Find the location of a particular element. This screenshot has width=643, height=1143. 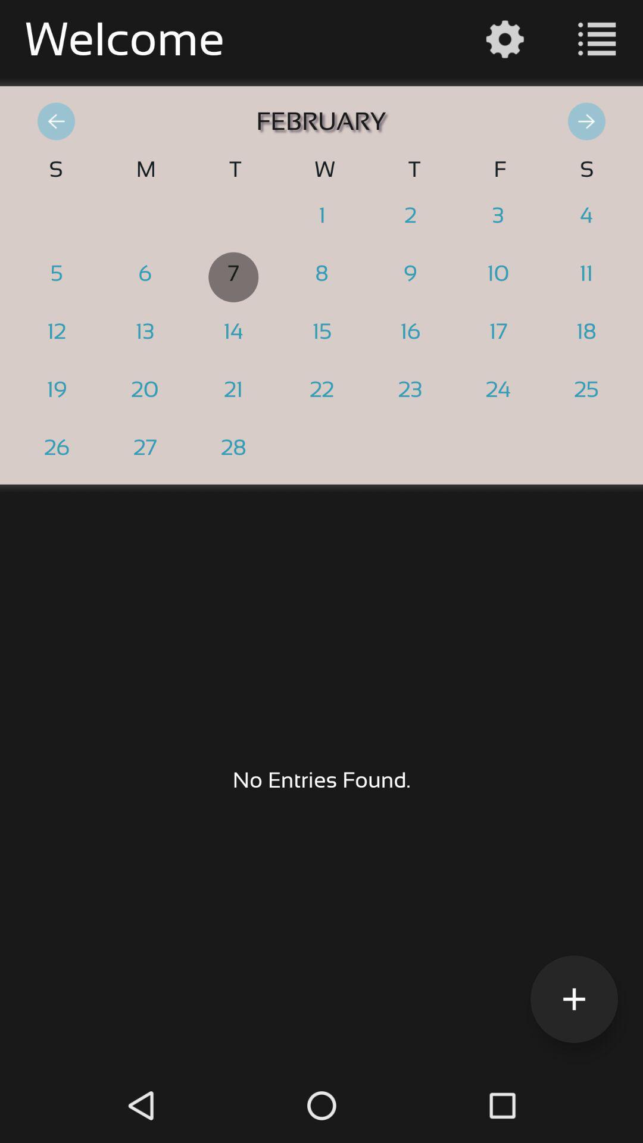

the settings icon is located at coordinates (505, 39).